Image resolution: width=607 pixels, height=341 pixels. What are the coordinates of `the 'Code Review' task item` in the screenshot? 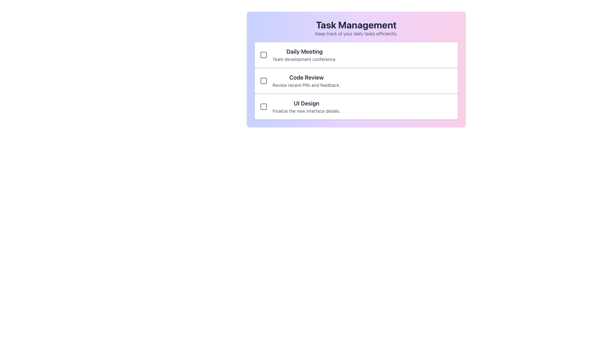 It's located at (356, 69).